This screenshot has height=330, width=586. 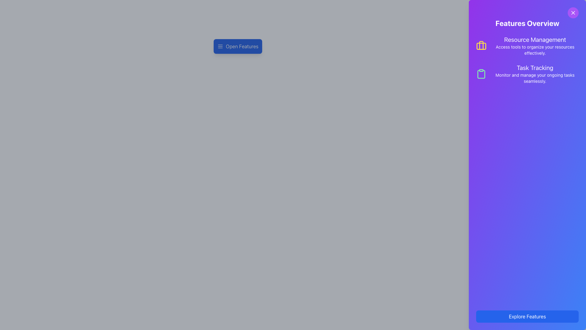 I want to click on the text snippet displaying 'Monitor and manage your ongoing tasks seamlessly.' located within the purple gradient panel under the 'Task Tracking' header, so click(x=534, y=78).